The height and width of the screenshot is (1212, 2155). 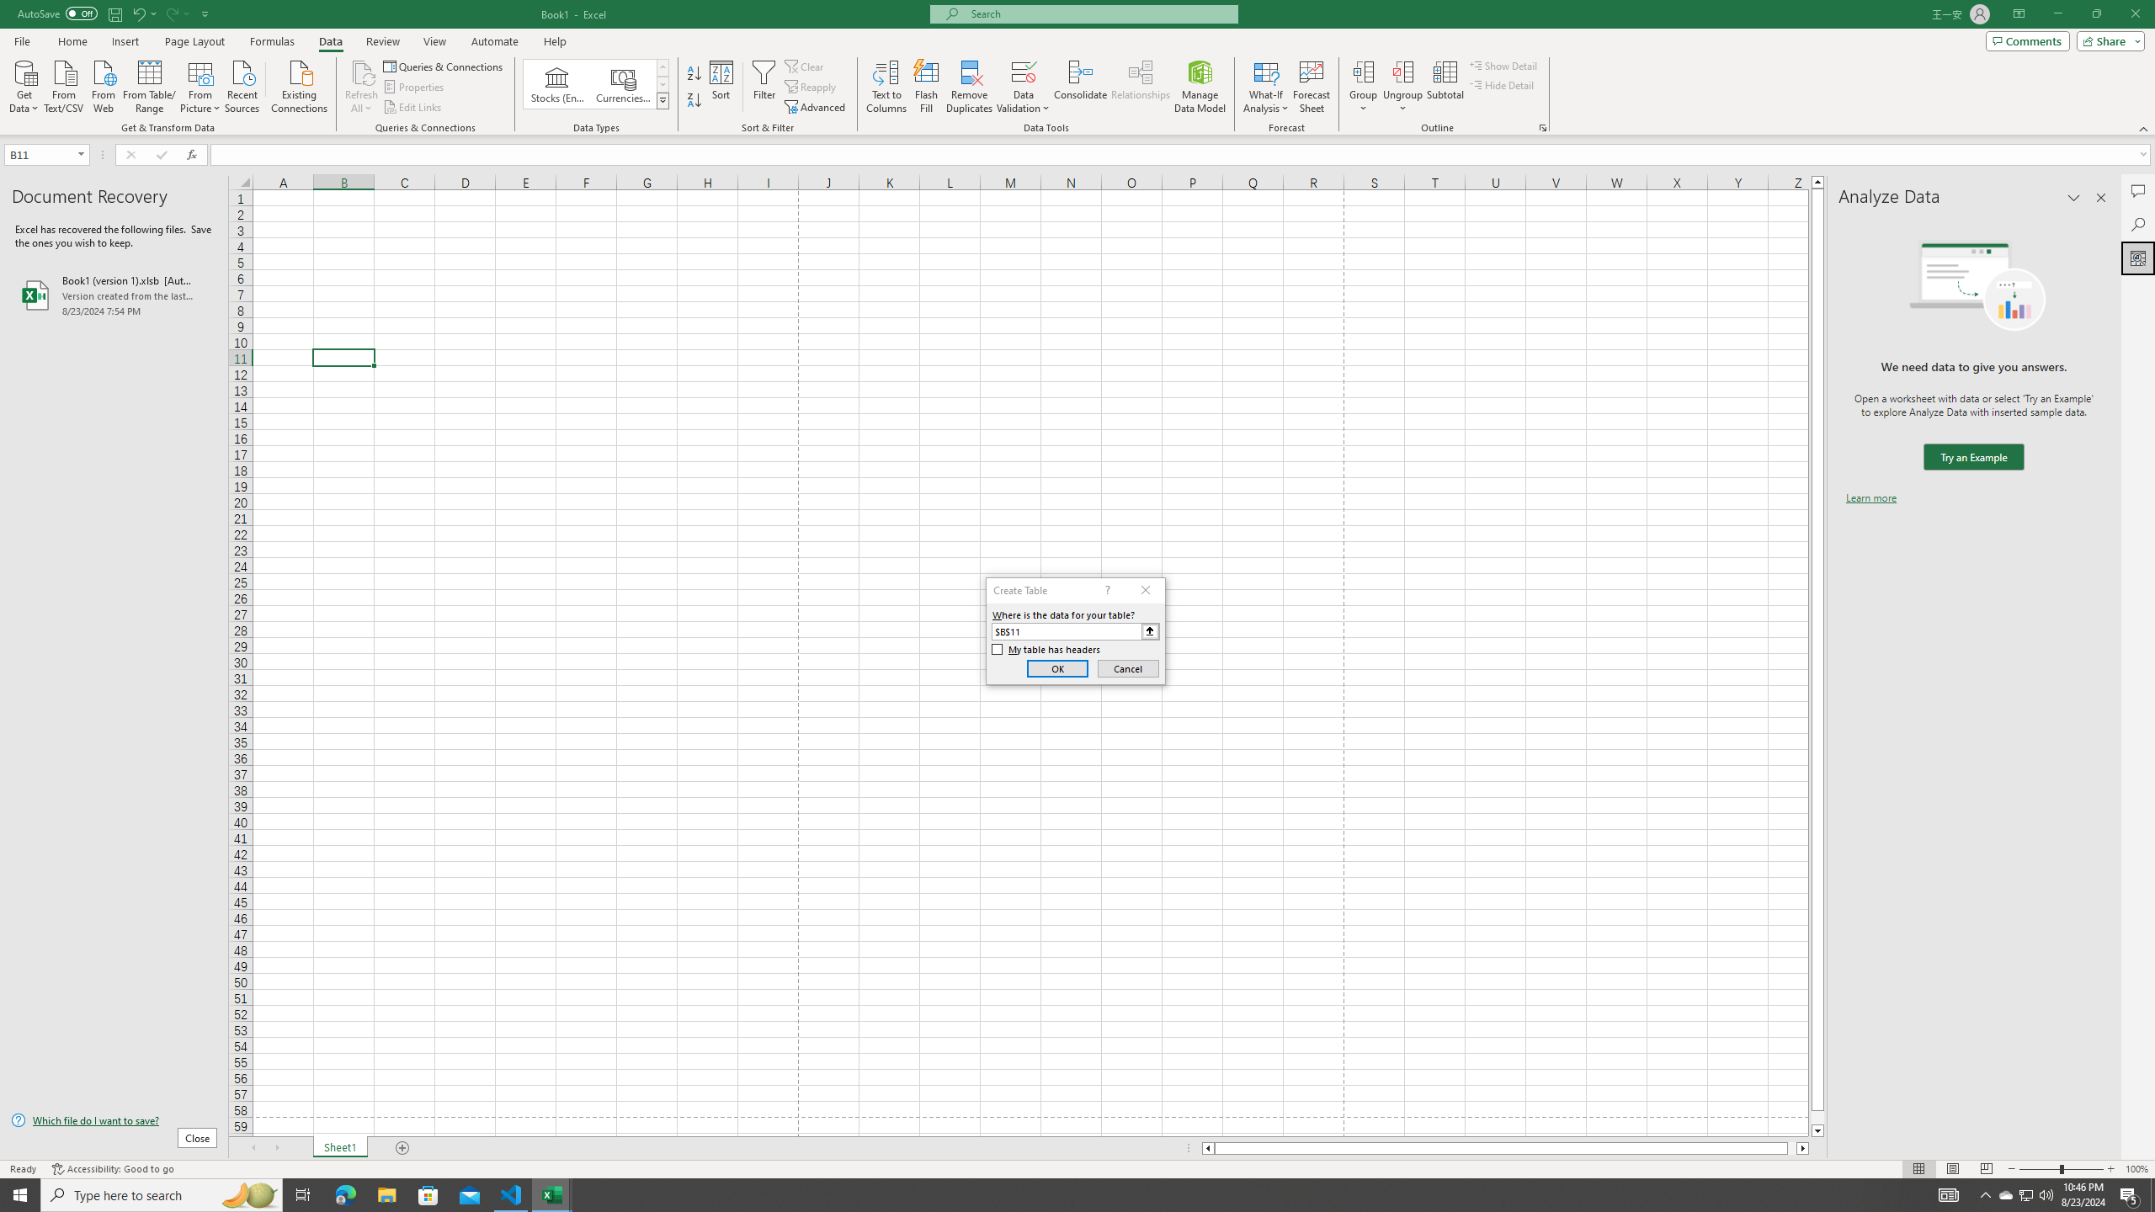 What do you see at coordinates (2027, 40) in the screenshot?
I see `'Comments'` at bounding box center [2027, 40].